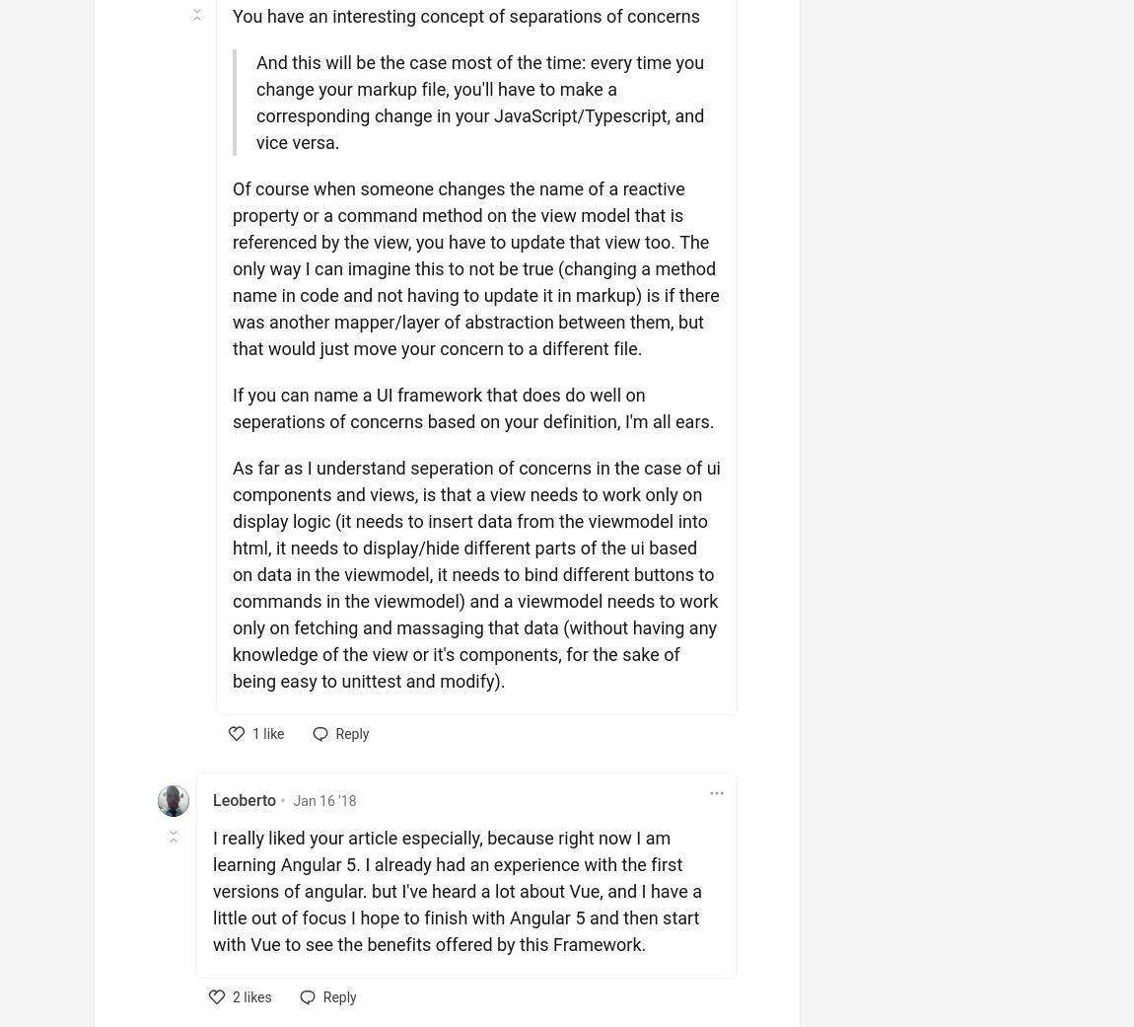 The height and width of the screenshot is (1027, 1134). Describe the element at coordinates (244, 800) in the screenshot. I see `'Leoberto'` at that location.